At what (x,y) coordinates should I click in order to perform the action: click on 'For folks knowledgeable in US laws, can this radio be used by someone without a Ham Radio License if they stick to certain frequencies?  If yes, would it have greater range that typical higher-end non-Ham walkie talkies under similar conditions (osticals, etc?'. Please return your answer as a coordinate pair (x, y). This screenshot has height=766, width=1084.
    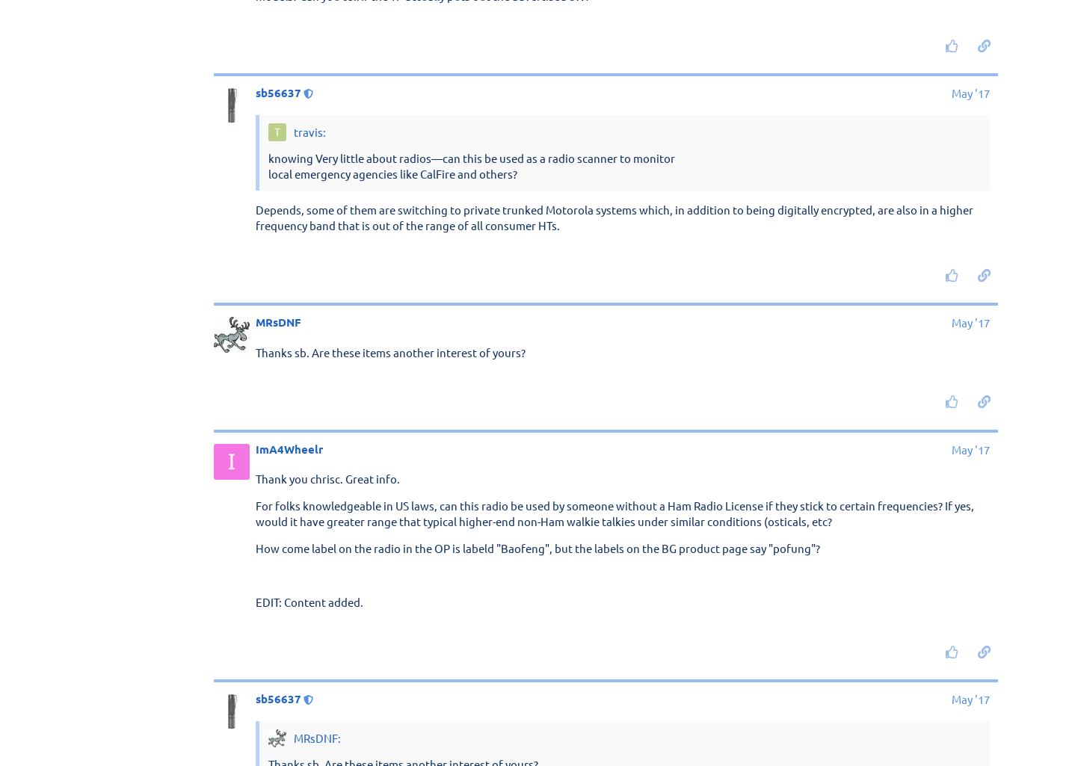
    Looking at the image, I should click on (615, 513).